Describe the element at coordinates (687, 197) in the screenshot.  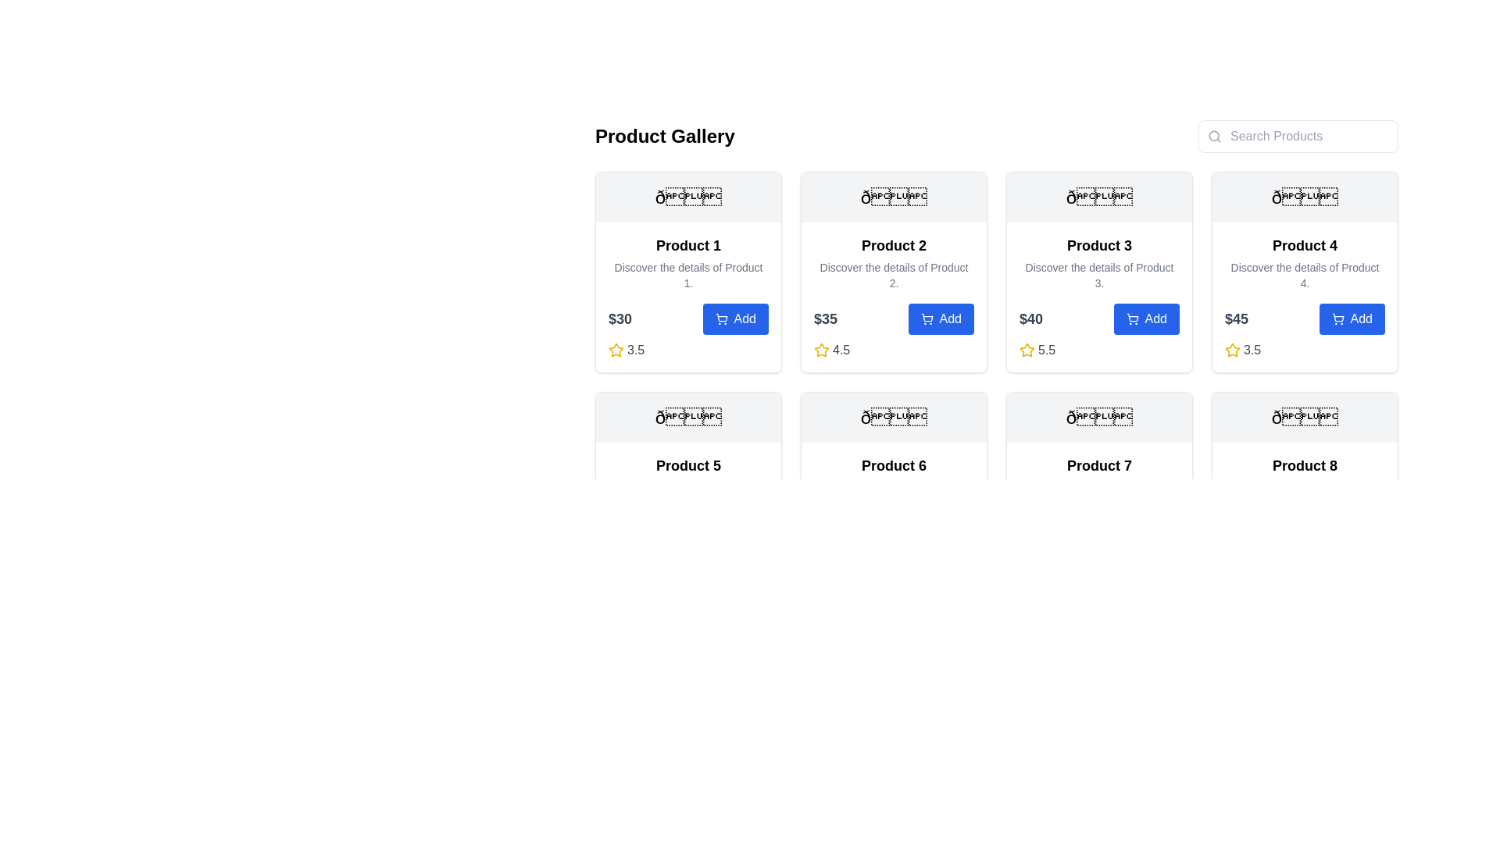
I see `the decorative emoji-like symbol located at the top of the 'Product 1' card, which is centrally aligned within the card's width` at that location.